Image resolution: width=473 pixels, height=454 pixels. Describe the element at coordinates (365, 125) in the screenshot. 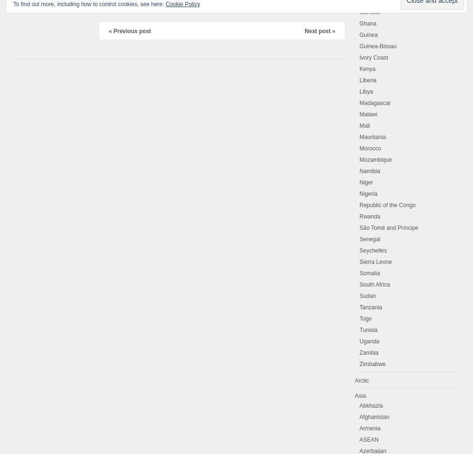

I see `'Mali'` at that location.